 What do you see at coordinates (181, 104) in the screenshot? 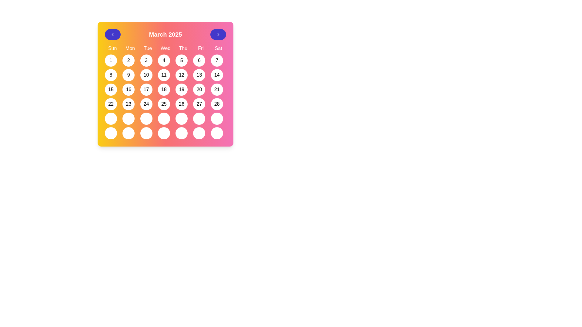
I see `the button representing the 26th day of March 2025 in the calendar` at bounding box center [181, 104].